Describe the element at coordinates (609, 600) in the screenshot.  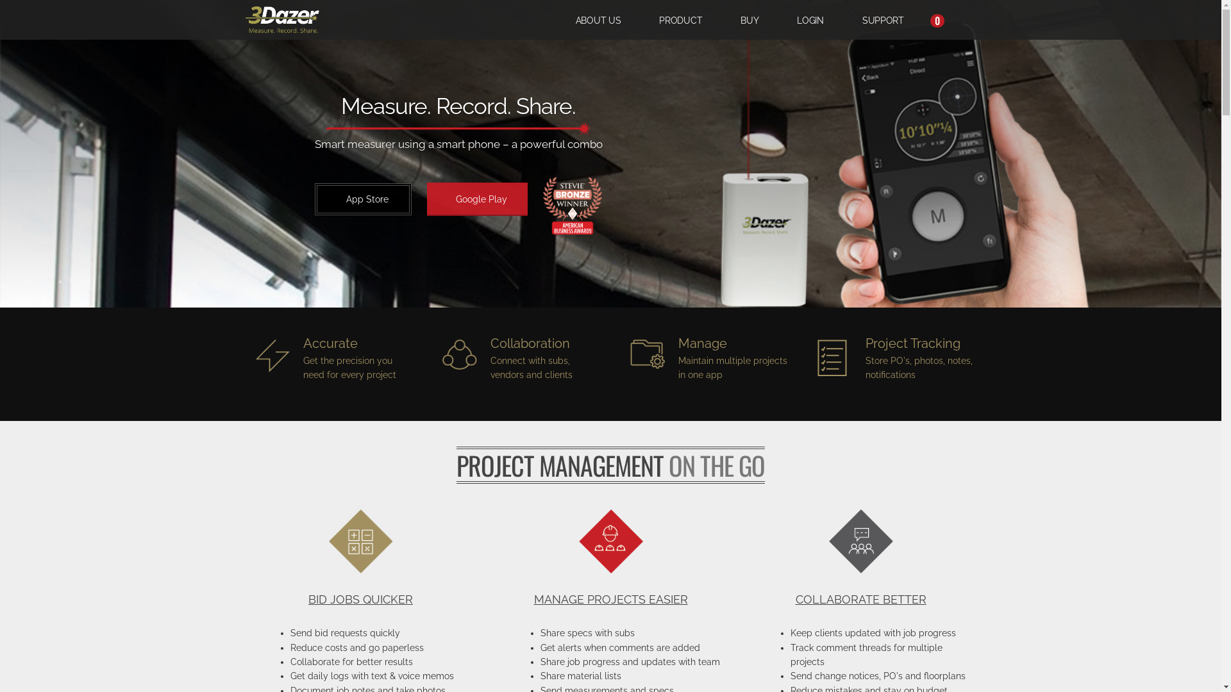
I see `'MANAGE PROJECTS EASIER'` at that location.